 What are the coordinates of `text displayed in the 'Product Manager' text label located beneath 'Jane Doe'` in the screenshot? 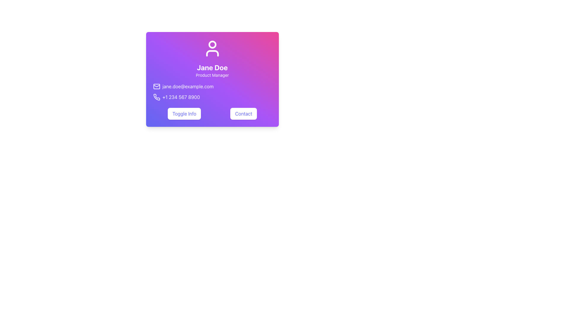 It's located at (212, 75).